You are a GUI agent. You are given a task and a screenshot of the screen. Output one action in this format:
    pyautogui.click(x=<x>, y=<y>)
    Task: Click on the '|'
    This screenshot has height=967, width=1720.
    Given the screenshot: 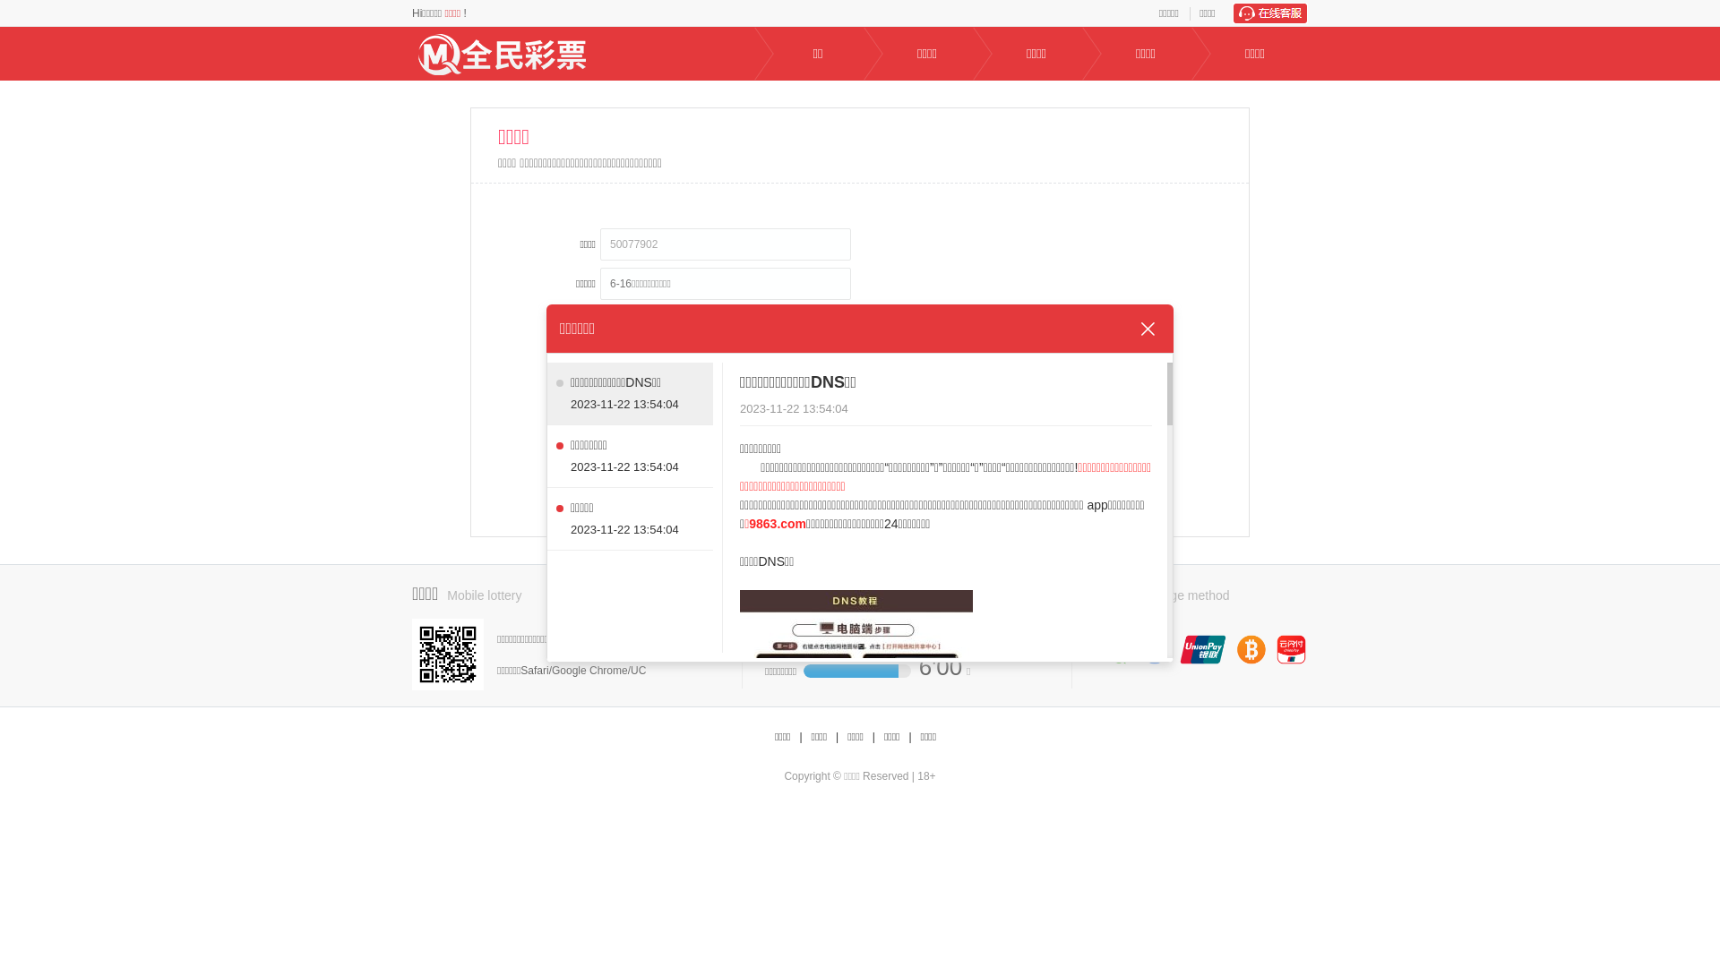 What is the action you would take?
    pyautogui.click(x=799, y=737)
    